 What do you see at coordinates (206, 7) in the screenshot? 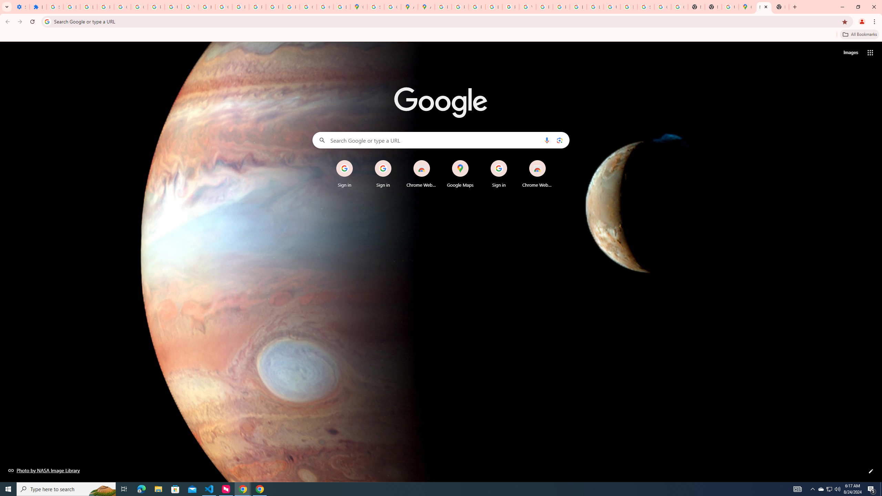
I see `'https://scholar.google.com/'` at bounding box center [206, 7].